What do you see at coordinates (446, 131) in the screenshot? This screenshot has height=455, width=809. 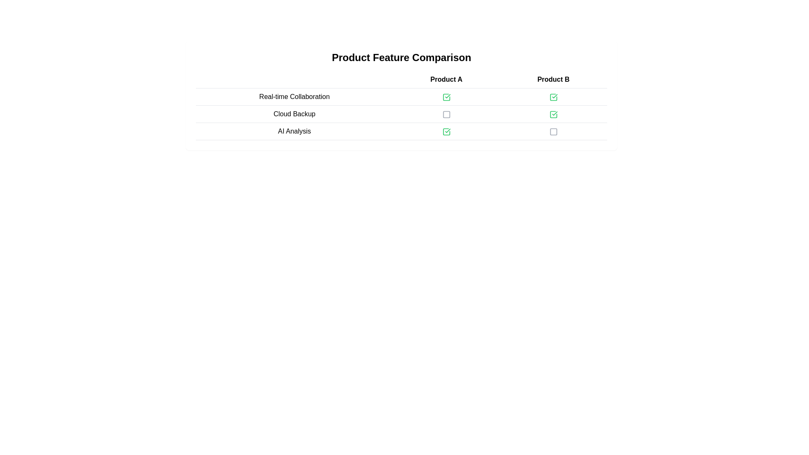 I see `the decorative status icon located in the 'Product A' column of the 'Real-time Collaboration' row in the feature comparison table, which indicates the feature is included` at bounding box center [446, 131].